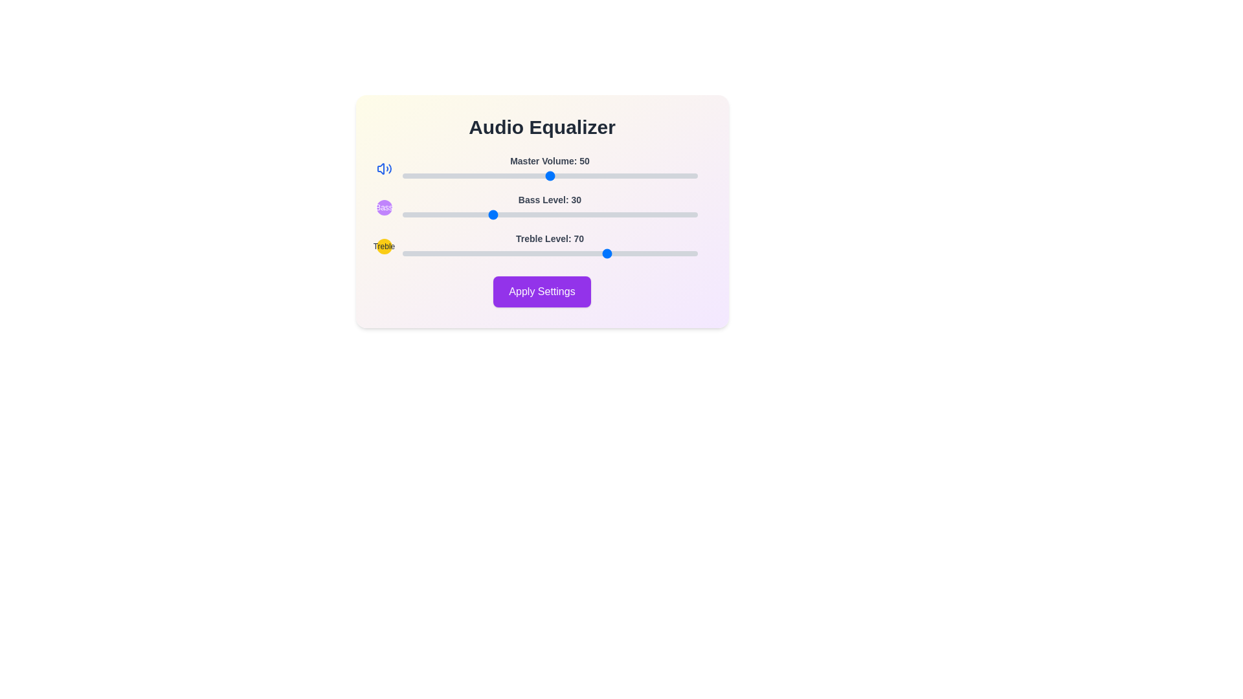 Image resolution: width=1243 pixels, height=699 pixels. I want to click on bass level, so click(401, 214).